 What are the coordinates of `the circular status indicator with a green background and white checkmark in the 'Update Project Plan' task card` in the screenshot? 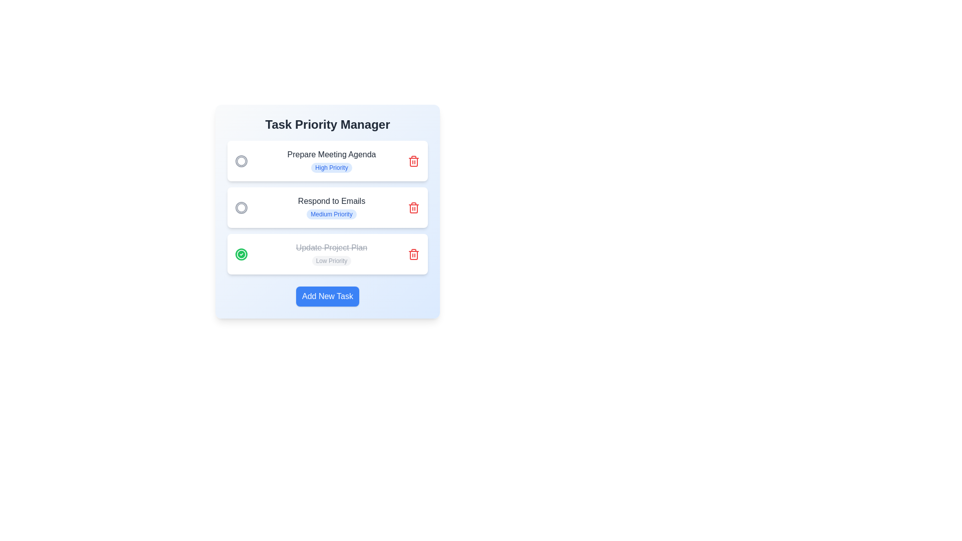 It's located at (241, 253).